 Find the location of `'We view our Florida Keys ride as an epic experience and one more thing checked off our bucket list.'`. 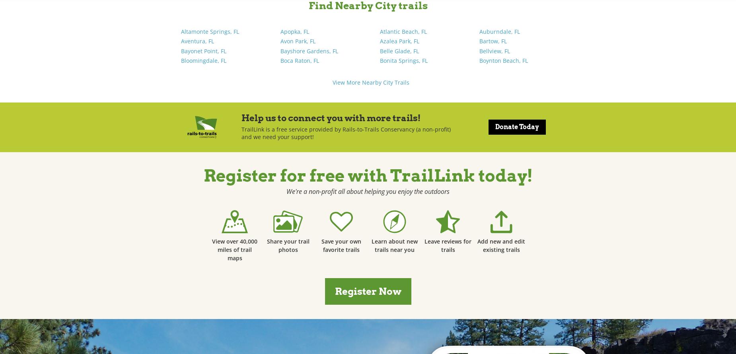

'We view our Florida Keys ride as an epic experience and one more thing checked off our bucket list.' is located at coordinates (496, 183).